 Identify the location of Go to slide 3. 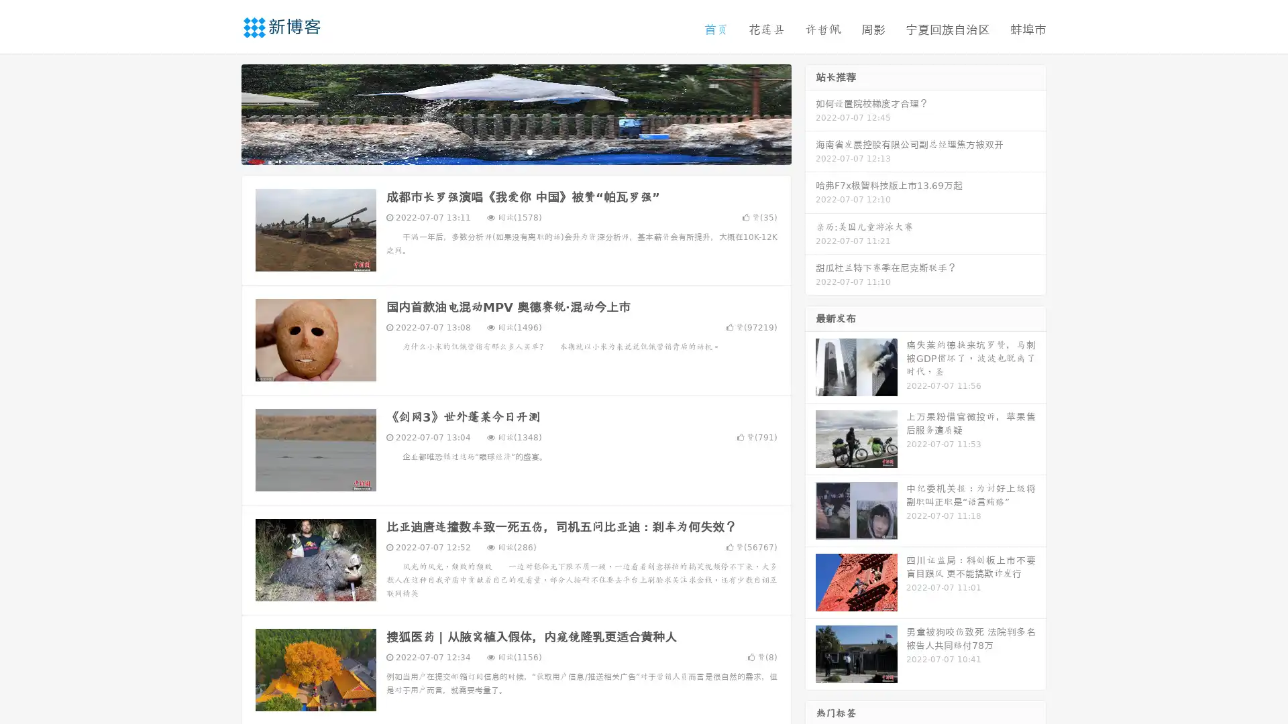
(529, 151).